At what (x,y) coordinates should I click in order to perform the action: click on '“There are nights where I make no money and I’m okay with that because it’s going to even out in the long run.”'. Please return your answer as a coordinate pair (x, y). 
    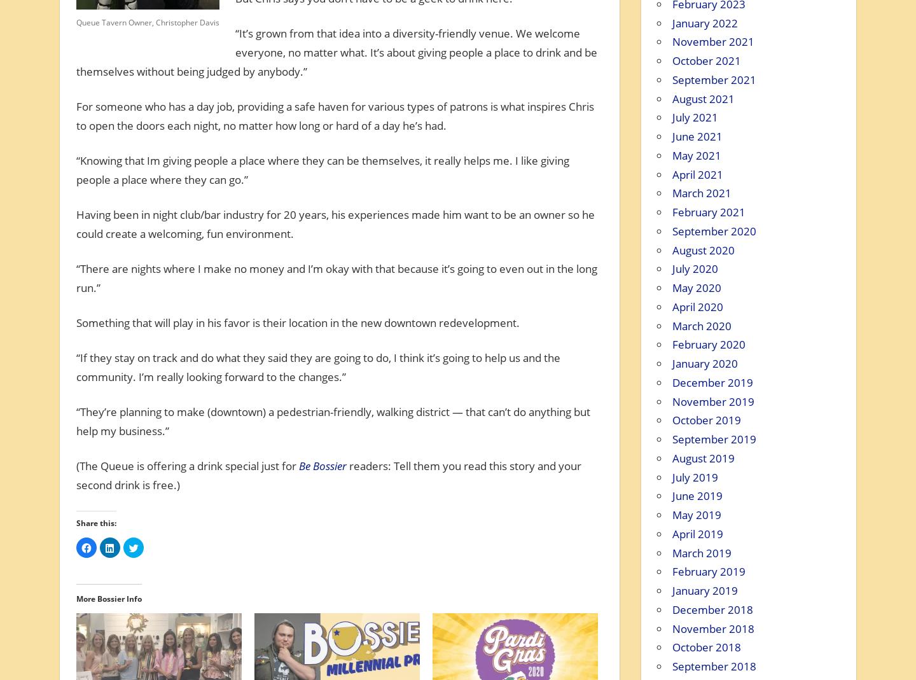
    Looking at the image, I should click on (335, 277).